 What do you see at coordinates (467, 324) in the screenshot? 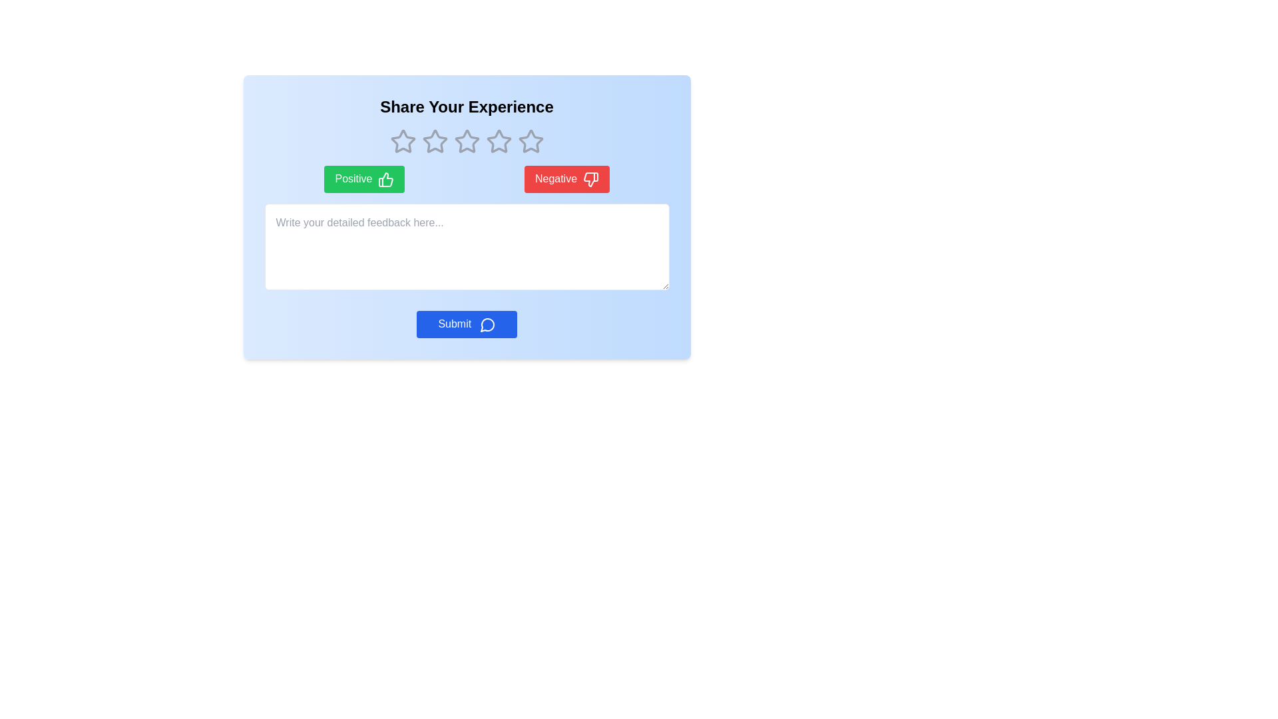
I see `the feedback submission button located at the bottom of the feedback form interface` at bounding box center [467, 324].